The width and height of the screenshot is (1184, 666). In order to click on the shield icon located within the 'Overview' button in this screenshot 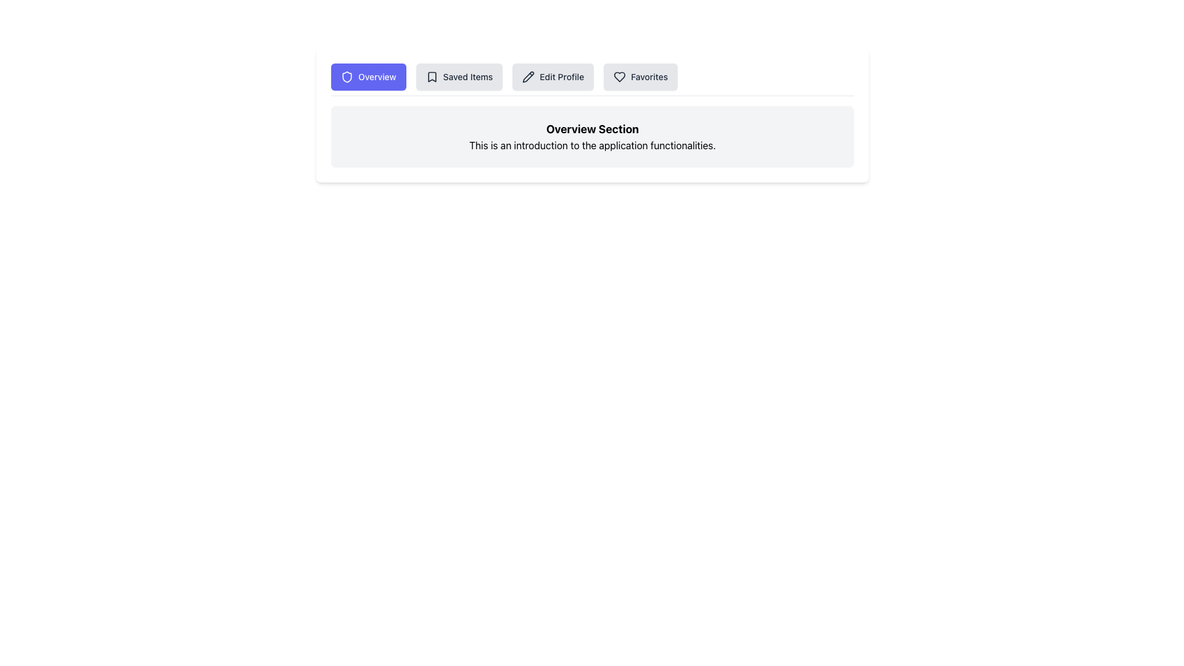, I will do `click(346, 76)`.